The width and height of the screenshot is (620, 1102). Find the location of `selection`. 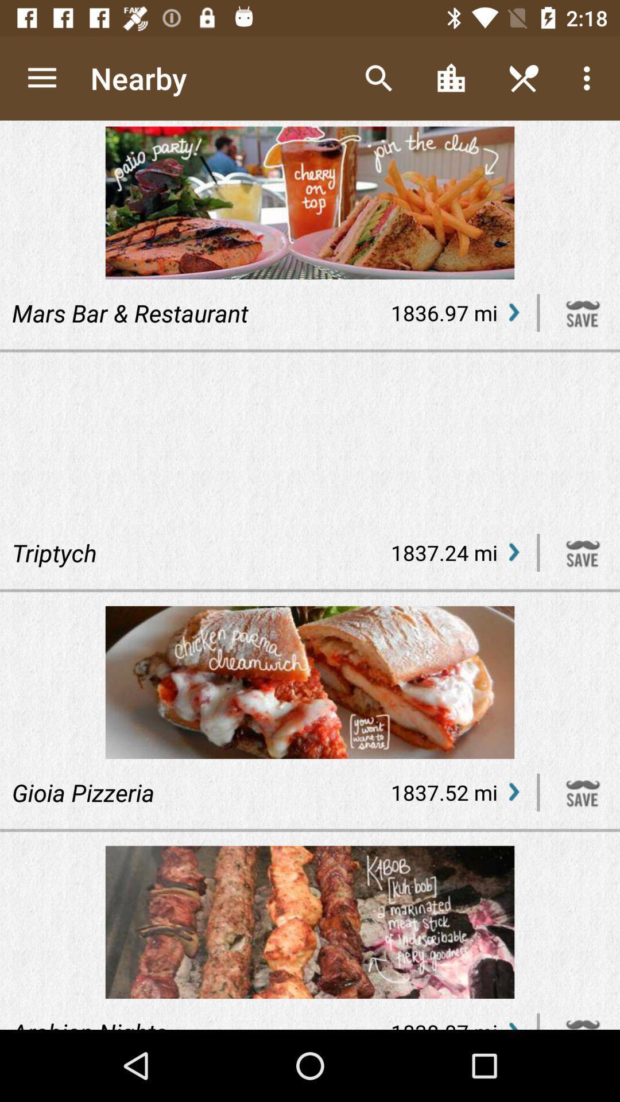

selection is located at coordinates (583, 313).